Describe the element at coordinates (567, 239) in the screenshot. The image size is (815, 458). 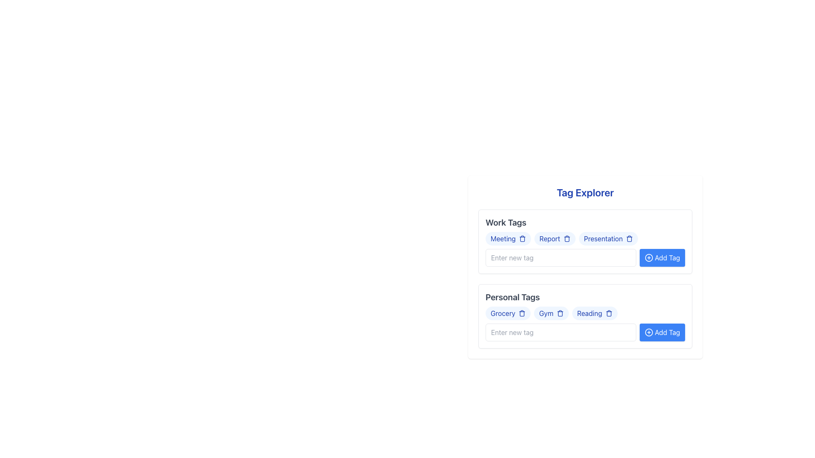
I see `the trash bin icon button located inside the 'Report' tag in the 'Work Tags' section of the 'Tag Explorer' interface to change its color to red` at that location.